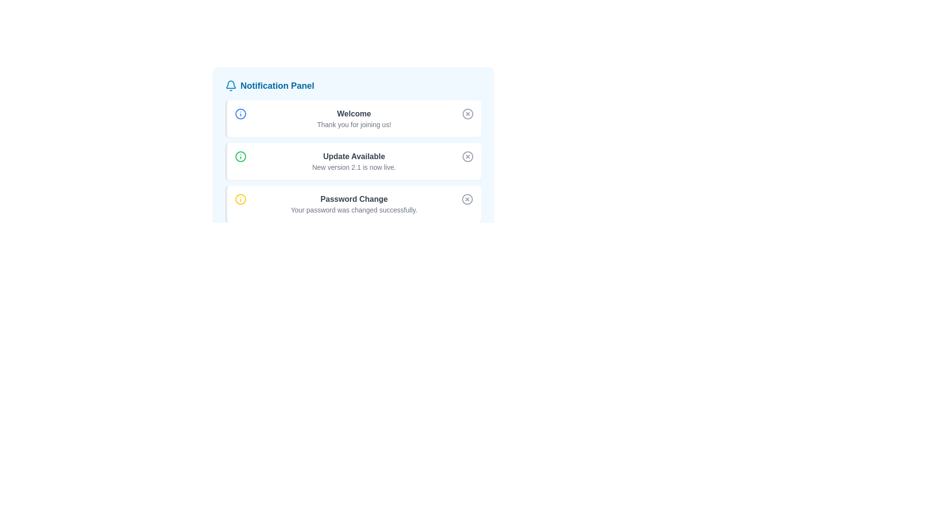 The height and width of the screenshot is (524, 932). Describe the element at coordinates (240, 114) in the screenshot. I see `the information icon, which is a blue circular outline with a vertical stroke and a dot, located in the top-left corner of the 'Welcome' notification card` at that location.